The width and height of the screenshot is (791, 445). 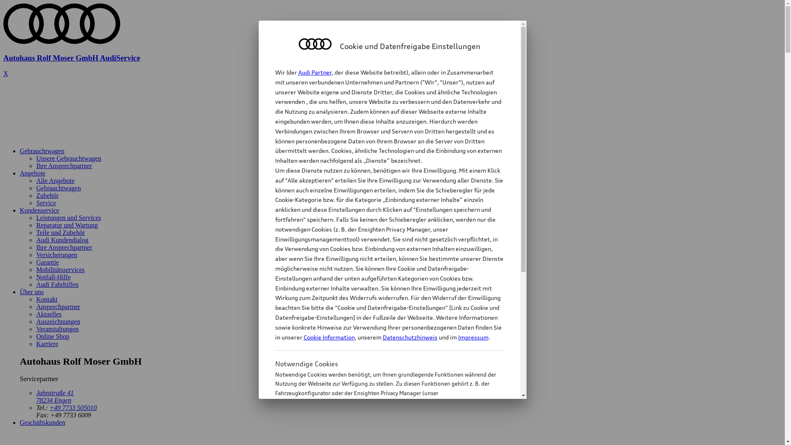 What do you see at coordinates (45, 203) in the screenshot?
I see `'Service'` at bounding box center [45, 203].